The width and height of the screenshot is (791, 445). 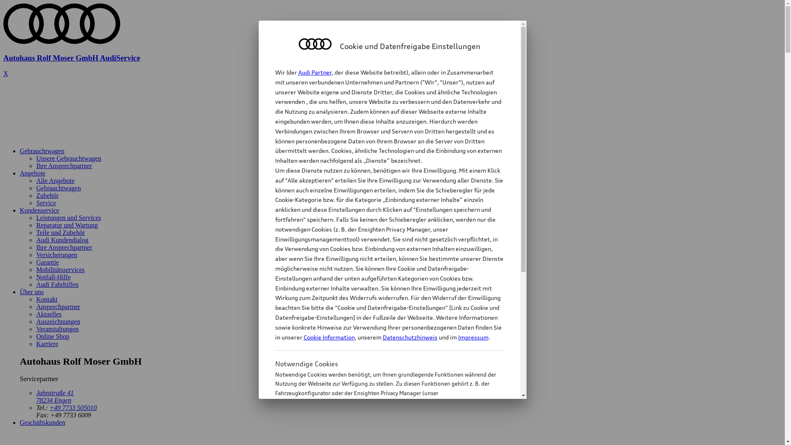 What do you see at coordinates (45, 203) in the screenshot?
I see `'Service'` at bounding box center [45, 203].